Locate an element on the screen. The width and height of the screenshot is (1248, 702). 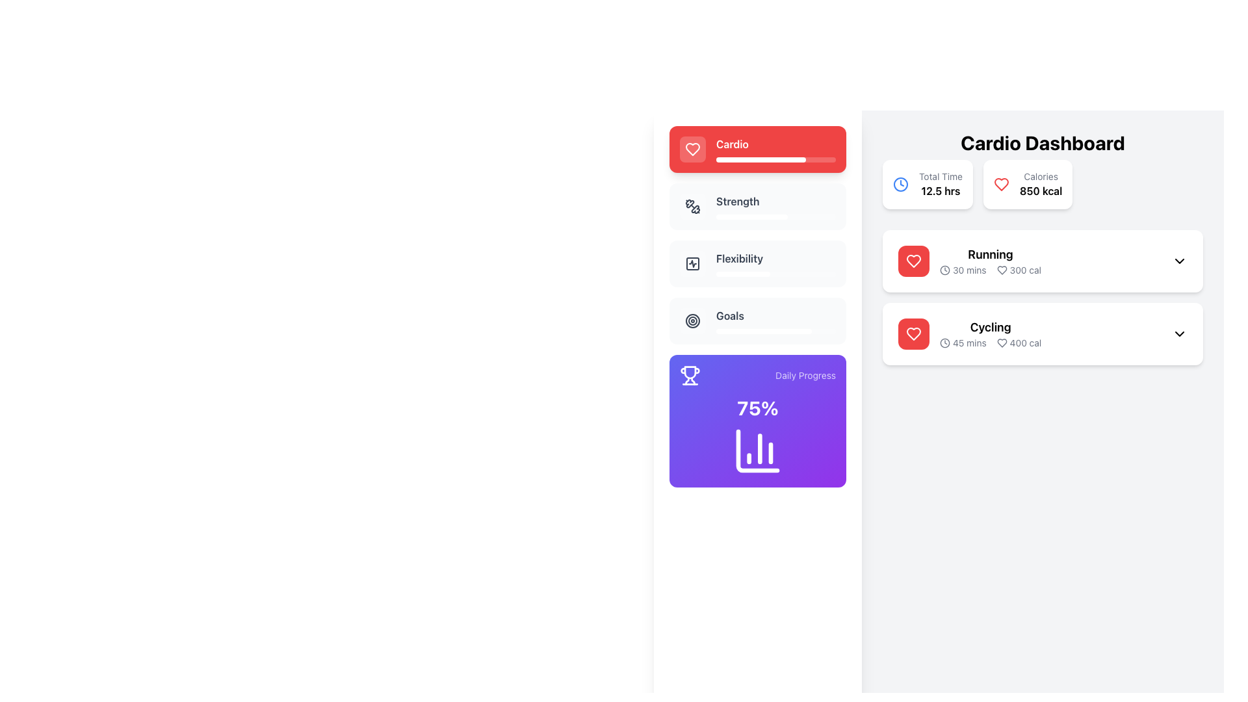
total time displayed in the cardio activities section of the dashboard, which is the second text display following 'Total Time' is located at coordinates (941, 190).